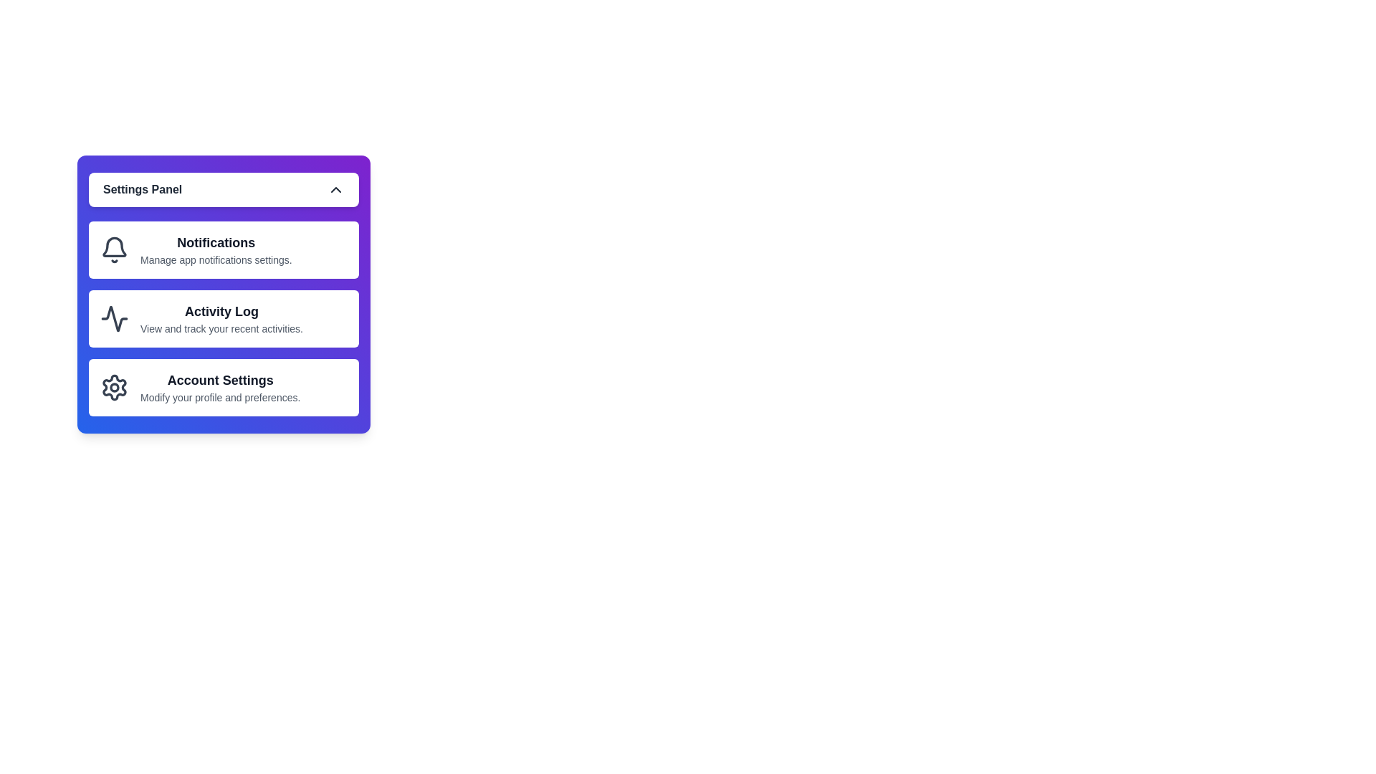 This screenshot has width=1376, height=774. I want to click on the 'Activity Log' option in the menu, so click(223, 317).